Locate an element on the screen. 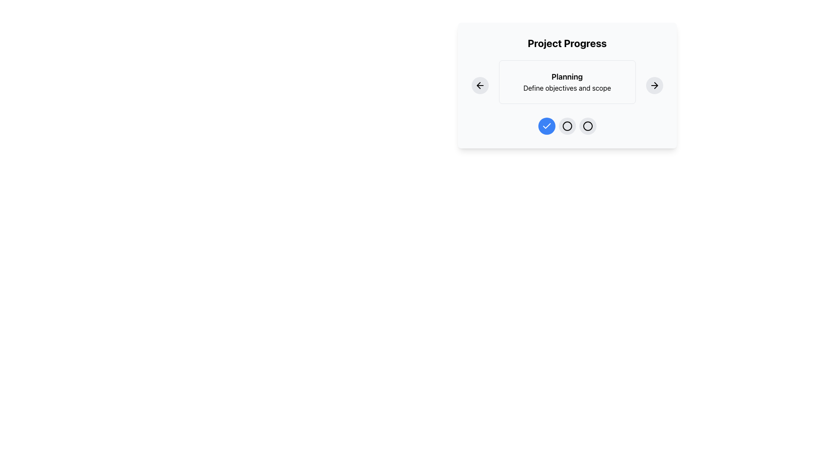  the static text label that reads 'Define objectives and scope', which is located directly below the bold text 'Planning' in a white box is located at coordinates (567, 88).